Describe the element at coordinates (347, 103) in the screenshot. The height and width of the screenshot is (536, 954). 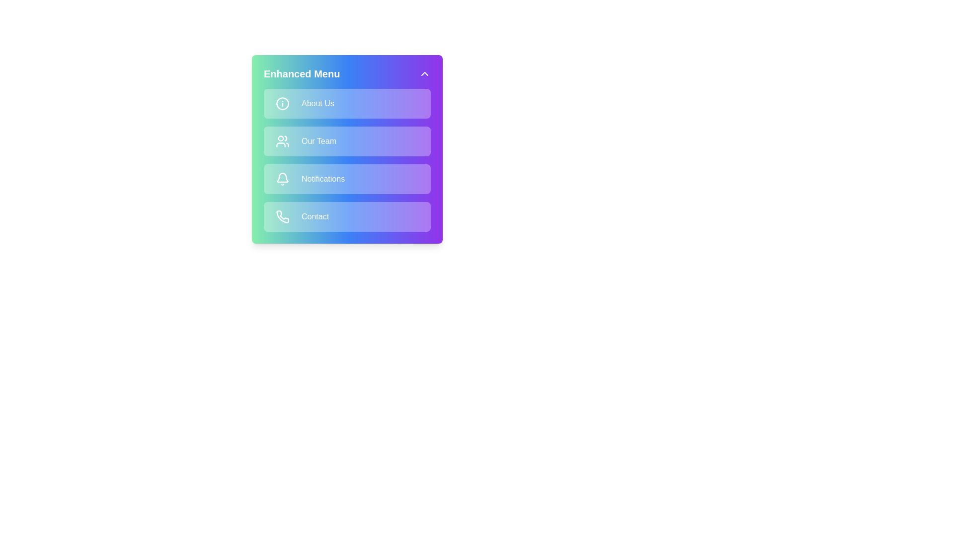
I see `the menu item About Us from the options available` at that location.